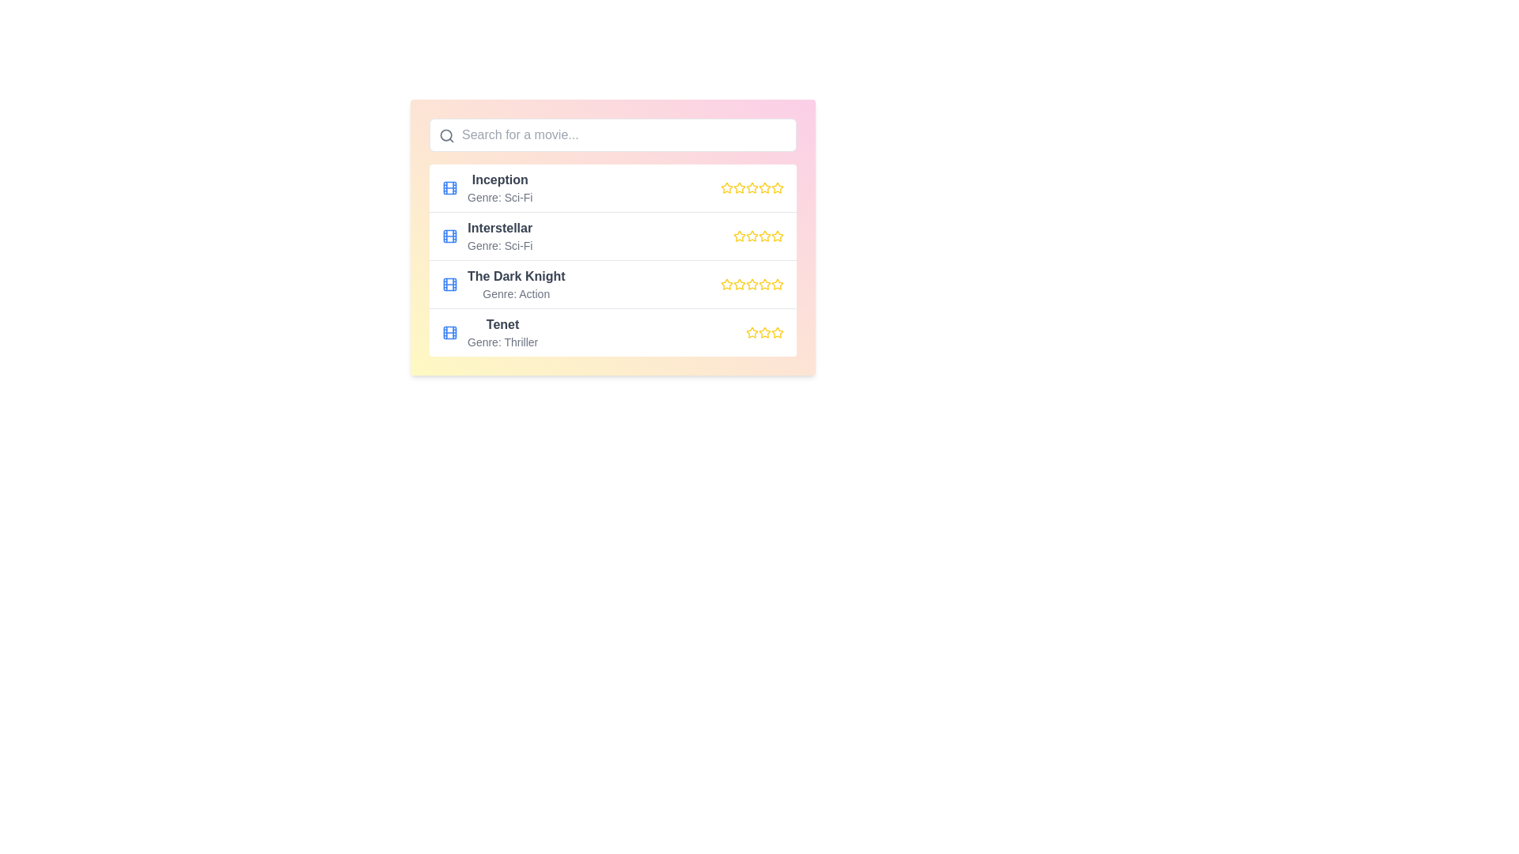  Describe the element at coordinates (486, 187) in the screenshot. I see `the first list item displaying 'Inception' in bold with a blue film reel icon` at that location.